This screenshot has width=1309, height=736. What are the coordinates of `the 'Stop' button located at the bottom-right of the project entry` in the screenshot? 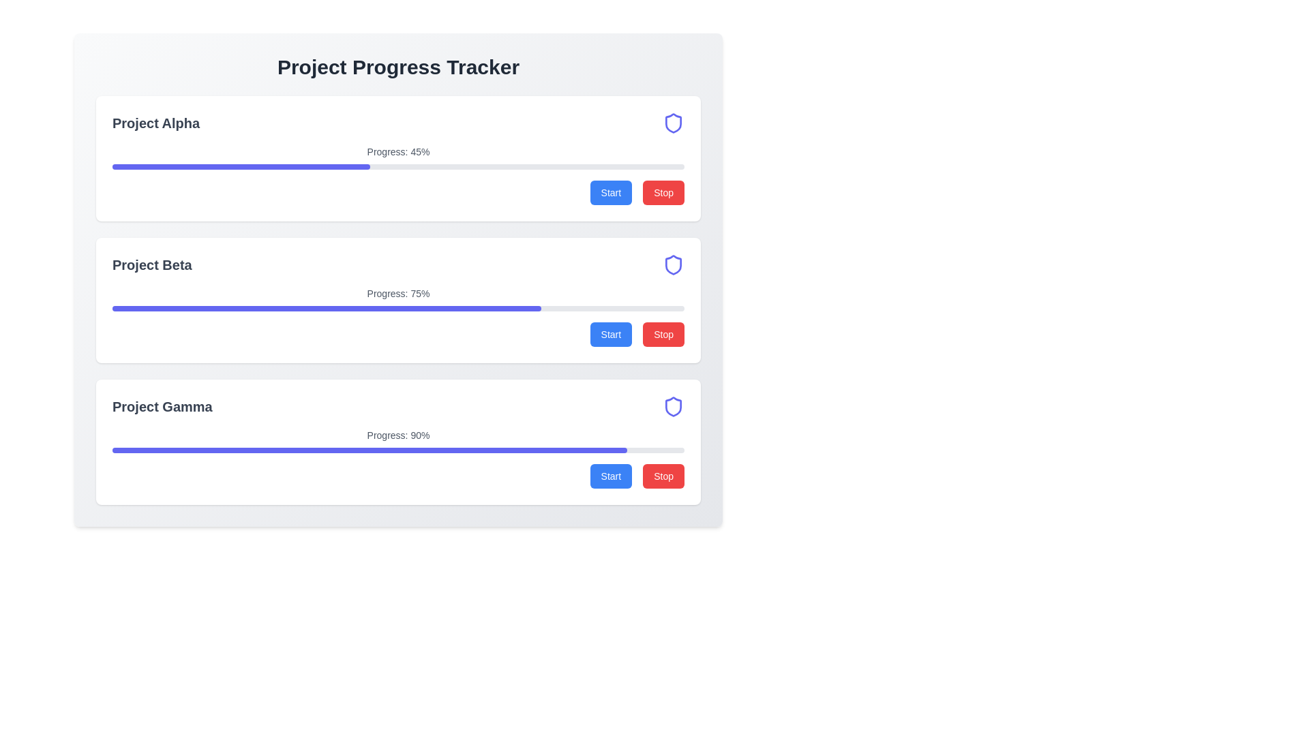 It's located at (663, 192).